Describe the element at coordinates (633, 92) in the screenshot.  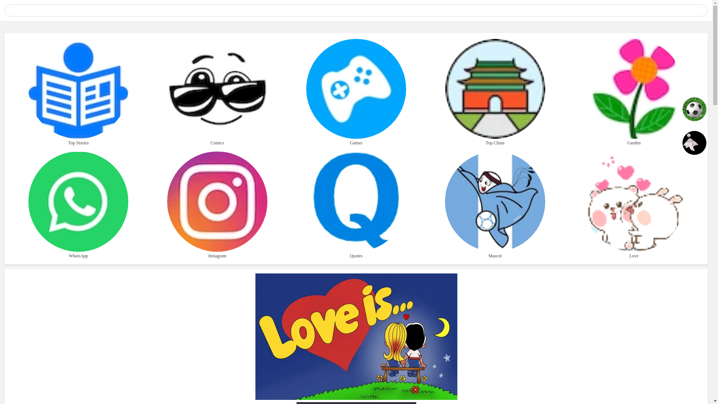
I see `'Garden'` at that location.